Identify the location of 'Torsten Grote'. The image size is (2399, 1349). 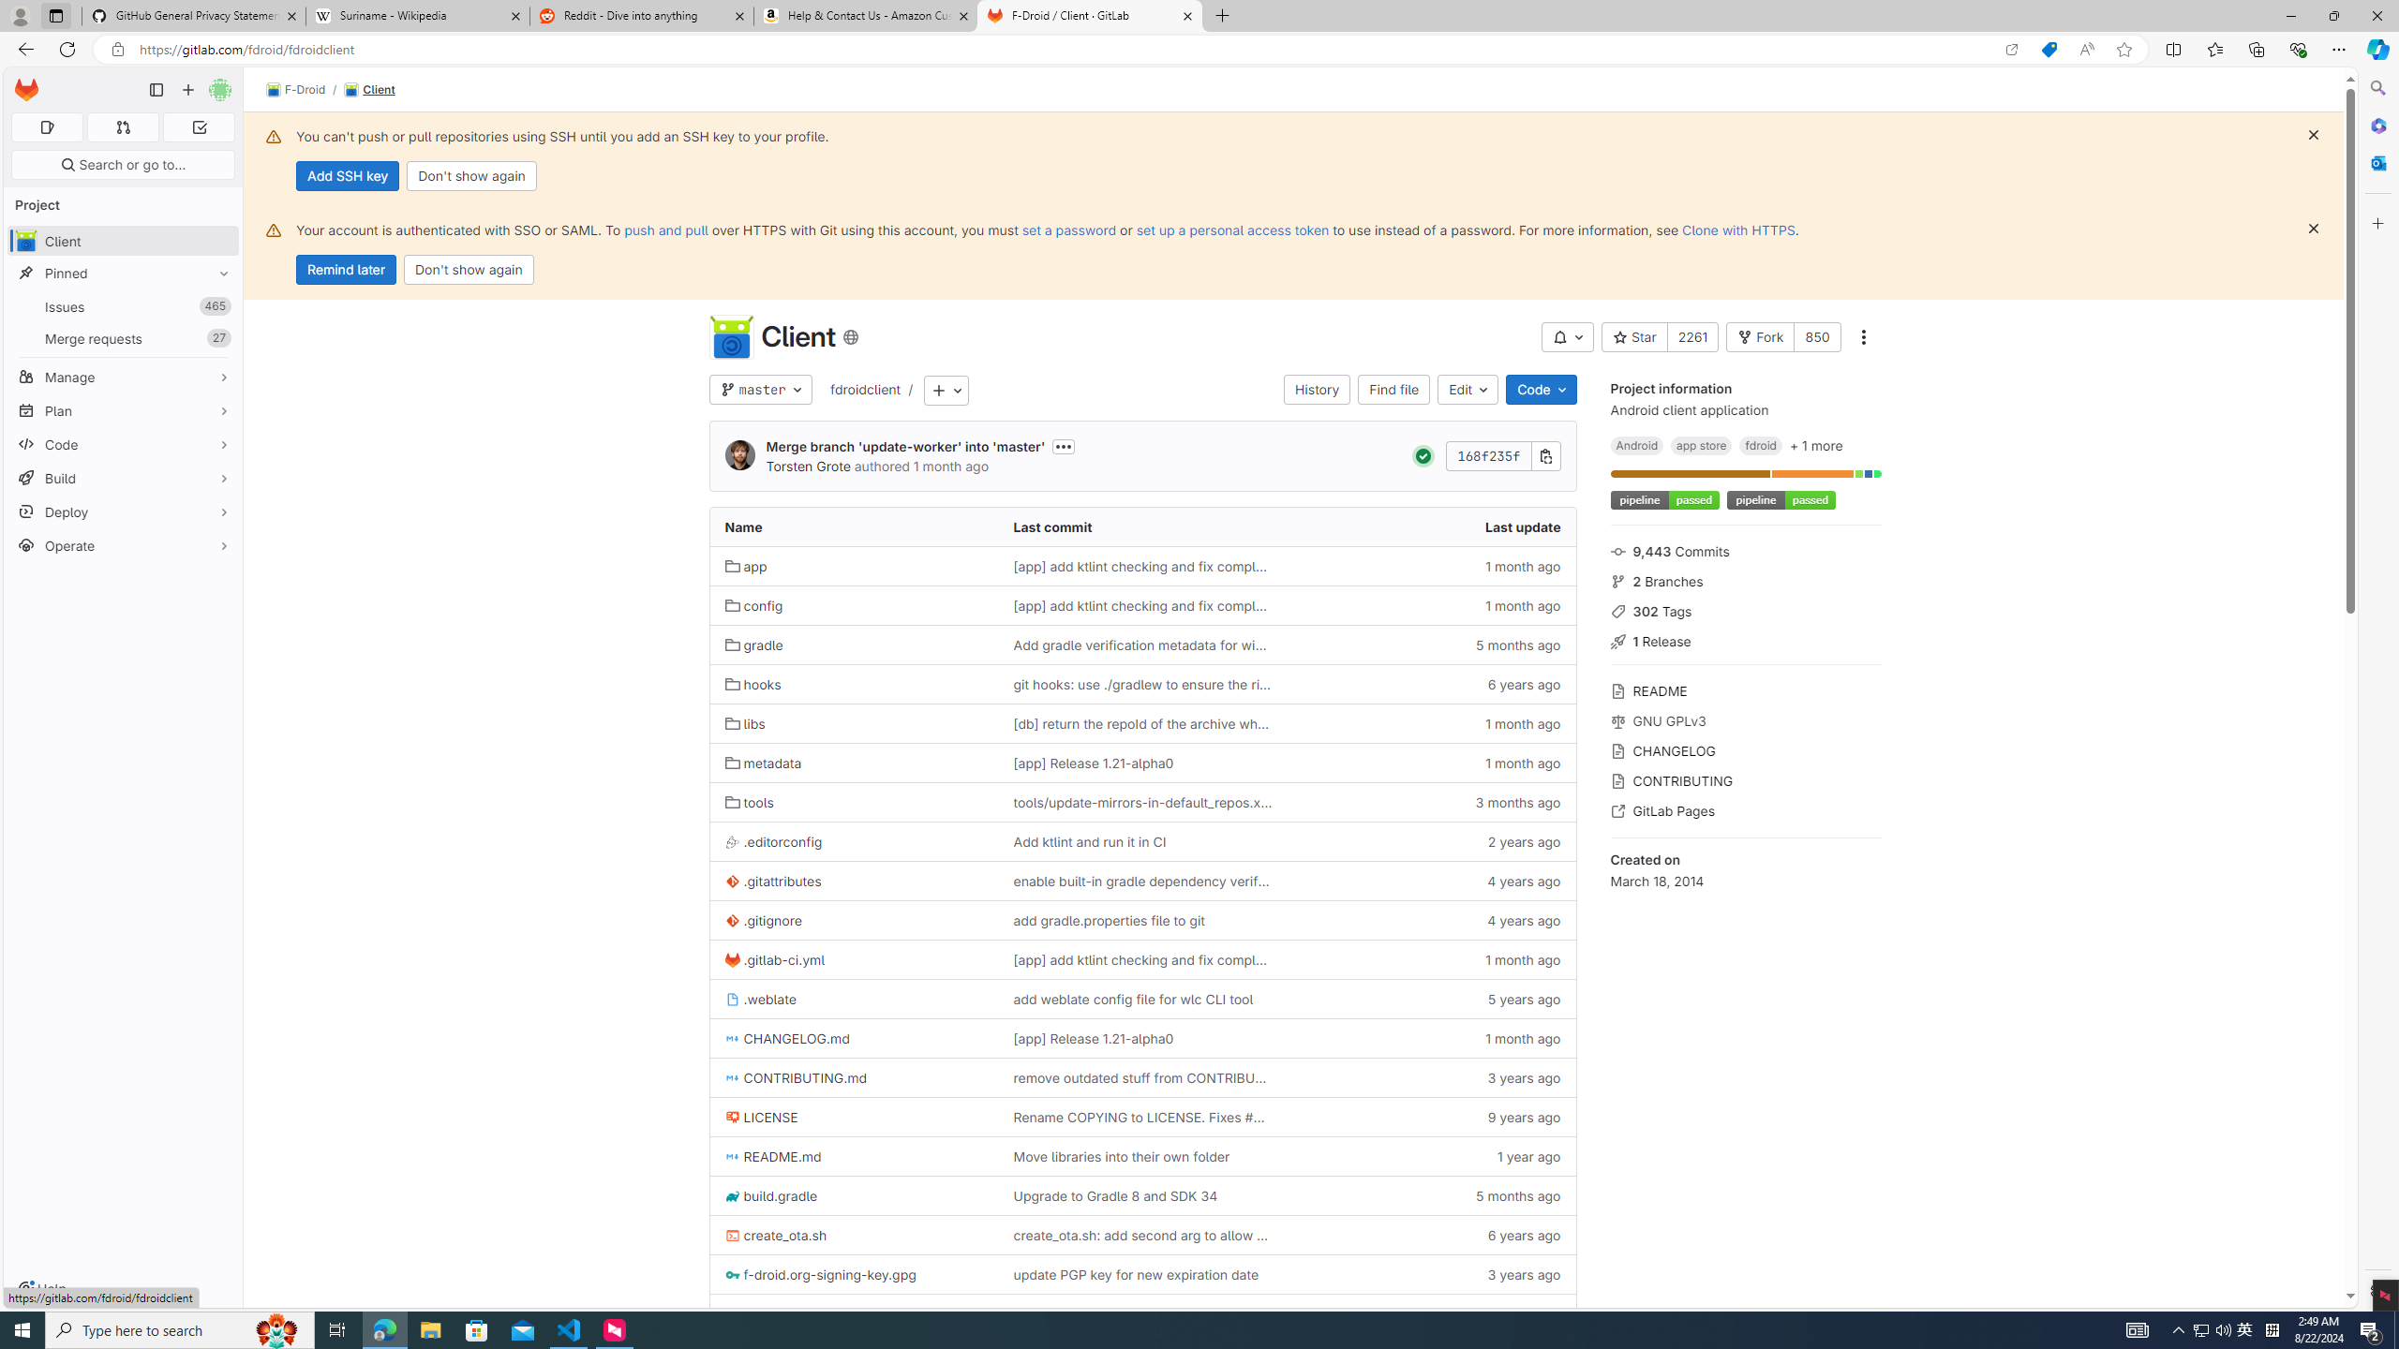
(738, 455).